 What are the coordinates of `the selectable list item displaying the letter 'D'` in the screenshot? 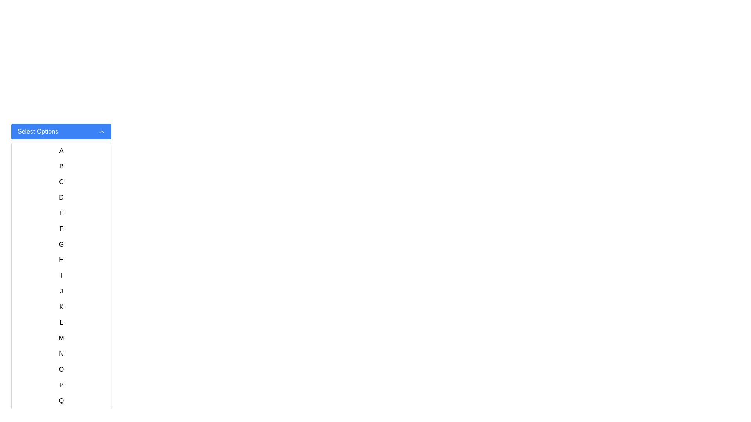 It's located at (61, 197).